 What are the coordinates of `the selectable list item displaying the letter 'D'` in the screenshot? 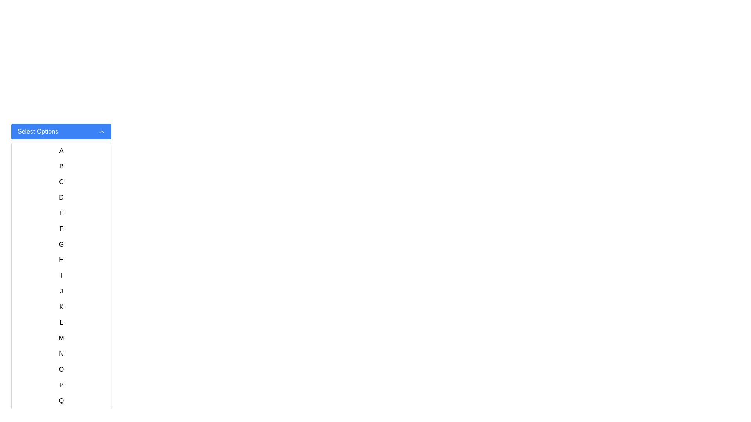 It's located at (61, 197).